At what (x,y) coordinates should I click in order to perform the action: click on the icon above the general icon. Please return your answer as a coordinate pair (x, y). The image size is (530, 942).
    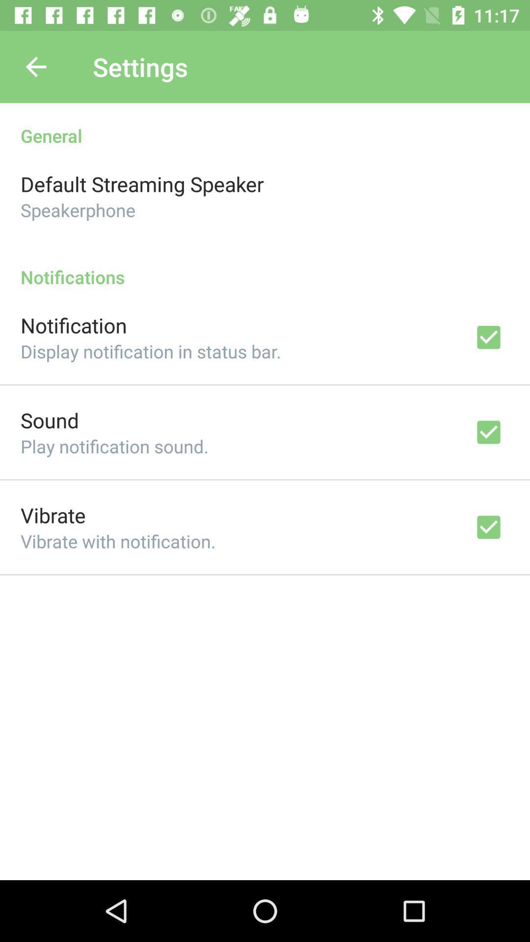
    Looking at the image, I should click on (35, 66).